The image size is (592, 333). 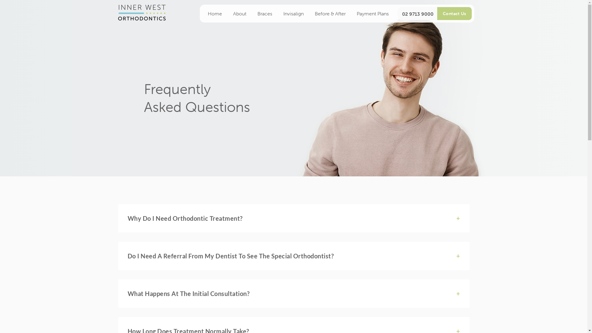 What do you see at coordinates (372, 13) in the screenshot?
I see `'Payment Plans'` at bounding box center [372, 13].